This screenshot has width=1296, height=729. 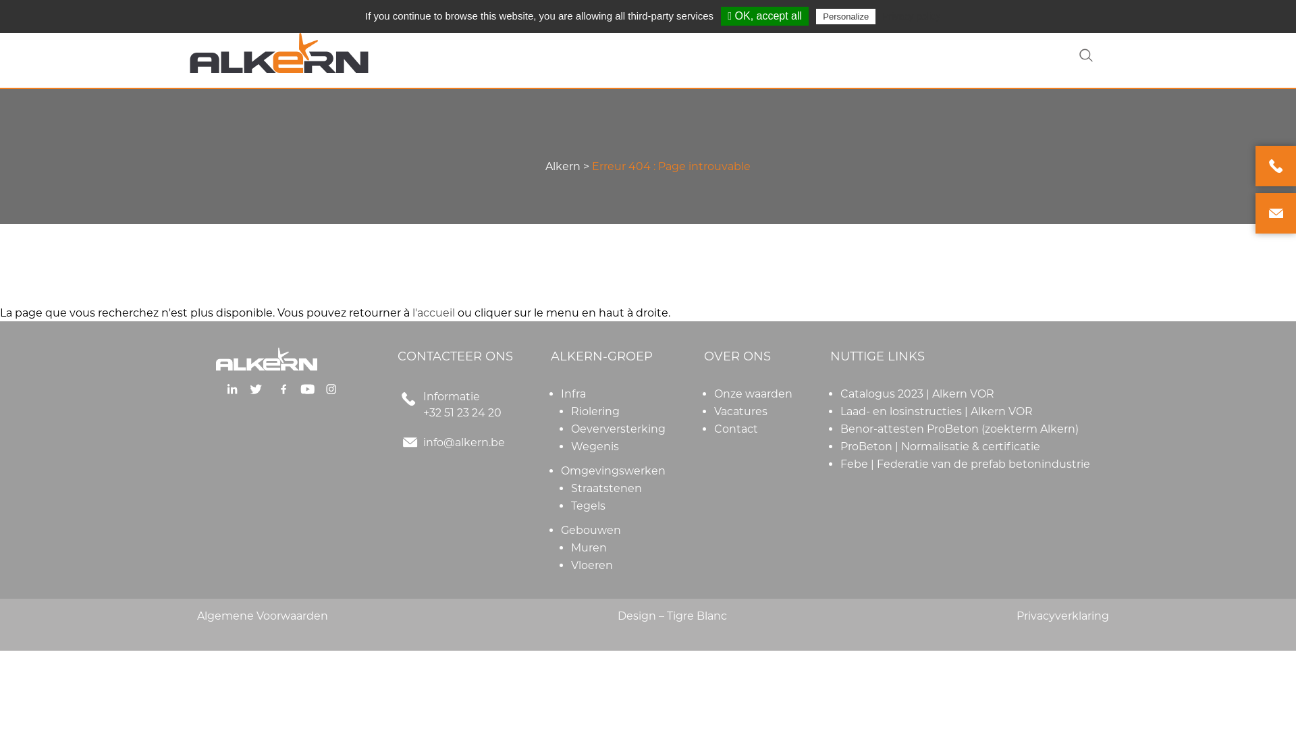 What do you see at coordinates (1017, 616) in the screenshot?
I see `'Privacyverklaring'` at bounding box center [1017, 616].